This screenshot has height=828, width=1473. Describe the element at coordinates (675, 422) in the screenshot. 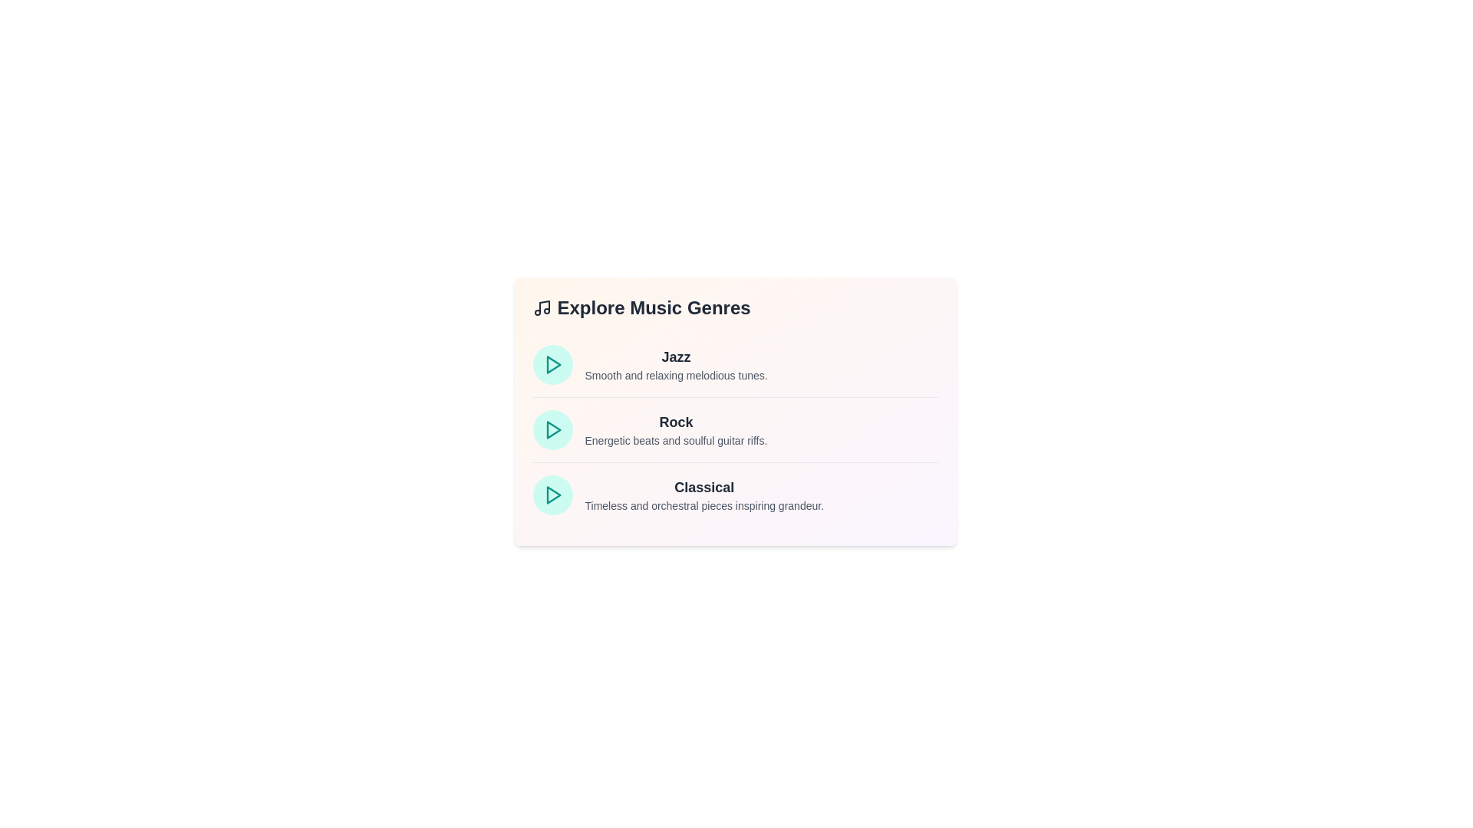

I see `the genre name Rock to highlight it` at that location.